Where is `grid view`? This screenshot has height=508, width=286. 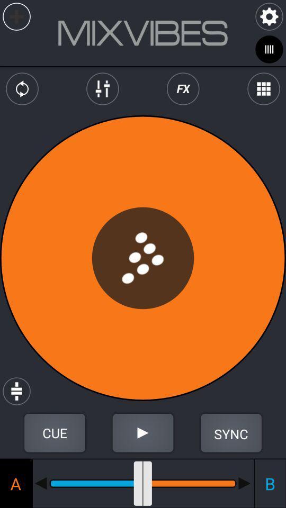
grid view is located at coordinates (263, 88).